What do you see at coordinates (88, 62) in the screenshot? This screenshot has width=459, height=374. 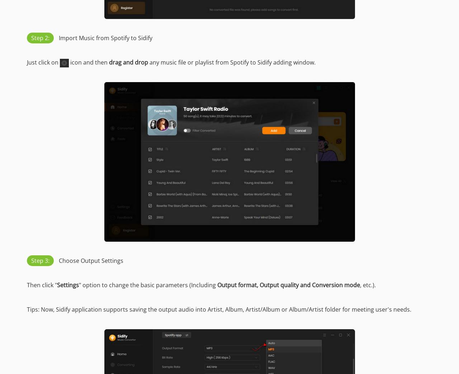 I see `'icon and then'` at bounding box center [88, 62].